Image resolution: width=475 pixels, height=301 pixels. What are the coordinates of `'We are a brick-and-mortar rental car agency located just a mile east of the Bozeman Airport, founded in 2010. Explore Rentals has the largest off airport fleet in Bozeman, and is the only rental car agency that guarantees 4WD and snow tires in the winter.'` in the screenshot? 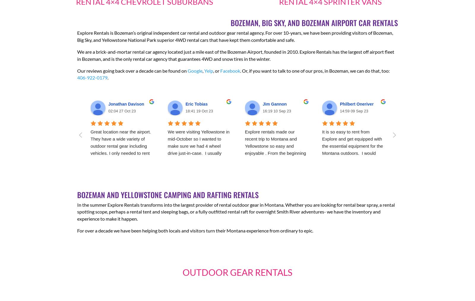 It's located at (77, 55).